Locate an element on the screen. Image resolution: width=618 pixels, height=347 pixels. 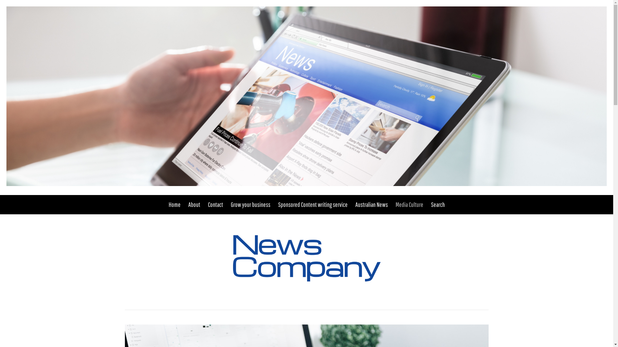
'Grow your business' is located at coordinates (250, 204).